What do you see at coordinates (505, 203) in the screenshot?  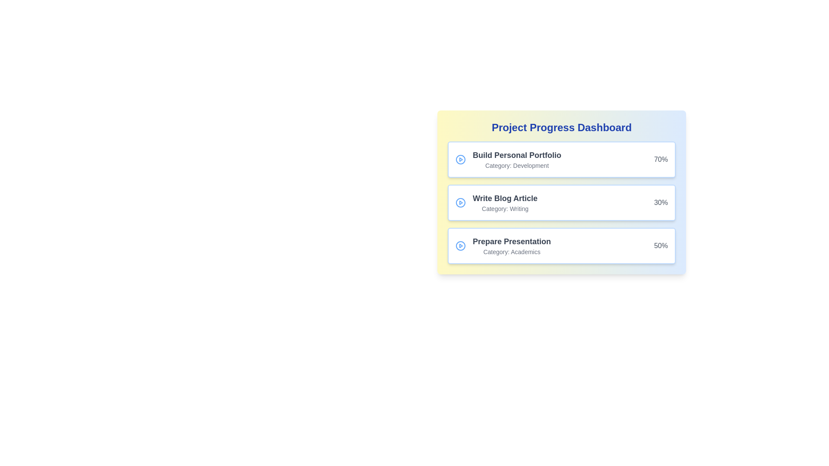 I see `the 'Write Blog Article' text display element located in the second card of the 'Project Progress Dashboard', which is centrally positioned between the 'Build Personal Portfolio' and 'Prepare Presentation' cards` at bounding box center [505, 203].